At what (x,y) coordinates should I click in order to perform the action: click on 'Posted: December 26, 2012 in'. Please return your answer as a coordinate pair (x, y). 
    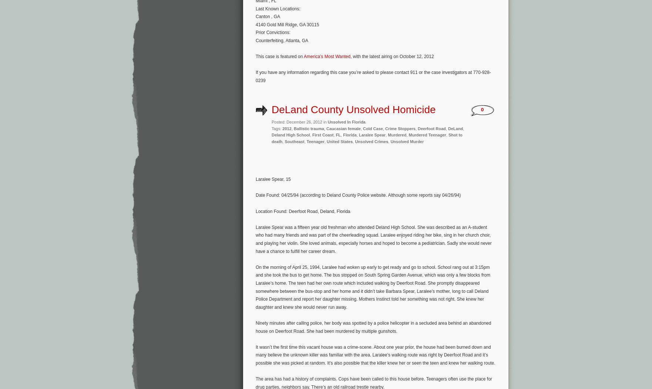
    Looking at the image, I should click on (299, 122).